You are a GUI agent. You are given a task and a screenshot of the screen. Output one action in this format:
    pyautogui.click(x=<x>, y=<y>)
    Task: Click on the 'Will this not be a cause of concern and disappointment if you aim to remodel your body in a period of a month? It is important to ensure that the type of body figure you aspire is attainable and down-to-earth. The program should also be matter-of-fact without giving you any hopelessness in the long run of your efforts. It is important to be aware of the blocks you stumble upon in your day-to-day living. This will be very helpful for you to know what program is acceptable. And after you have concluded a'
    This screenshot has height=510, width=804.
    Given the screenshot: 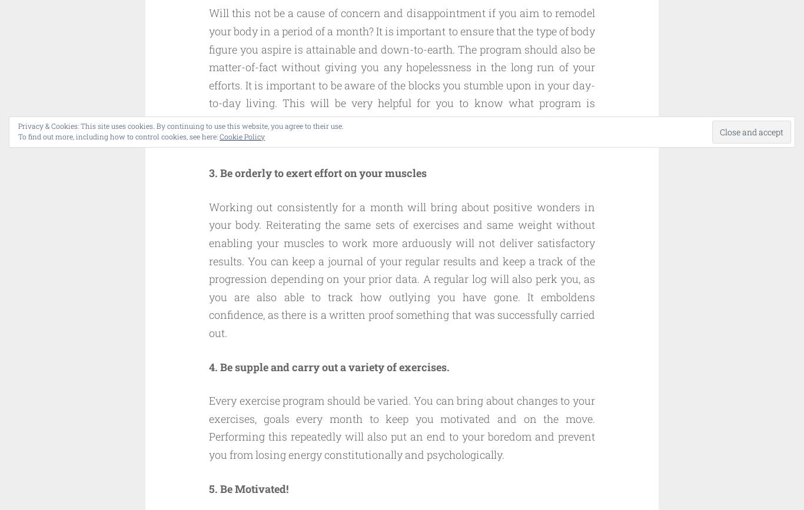 What is the action you would take?
    pyautogui.click(x=208, y=67)
    